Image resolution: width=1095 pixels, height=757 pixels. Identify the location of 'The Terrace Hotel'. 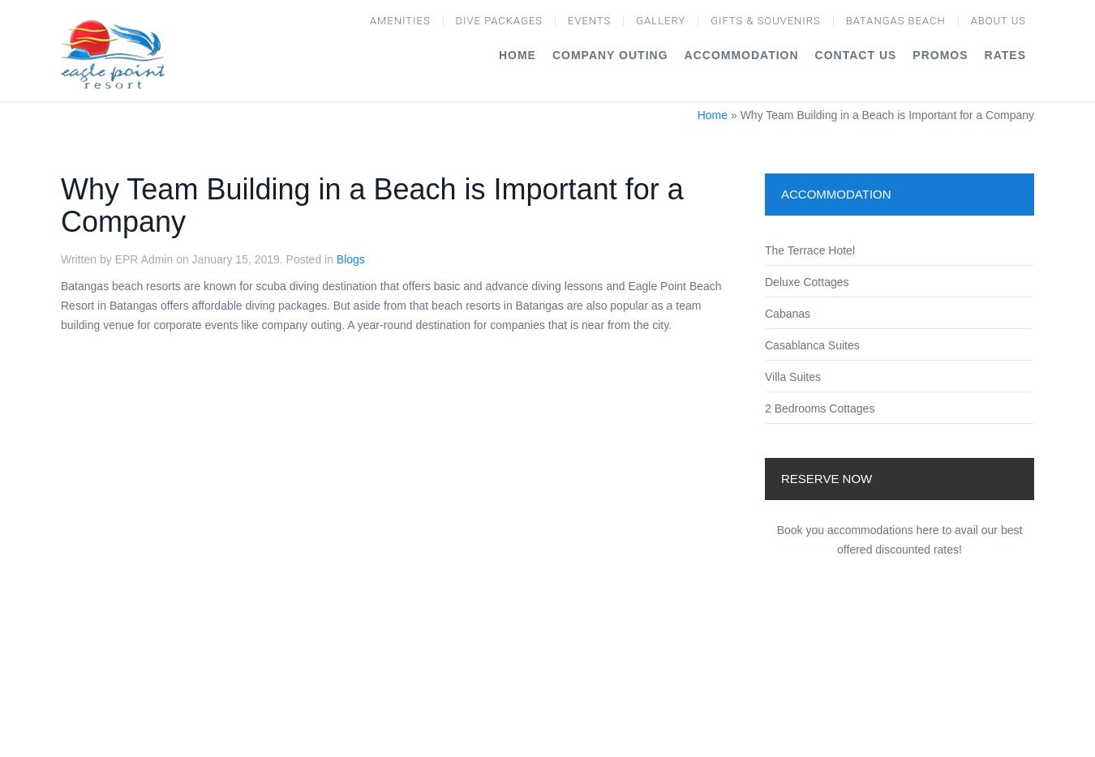
(809, 249).